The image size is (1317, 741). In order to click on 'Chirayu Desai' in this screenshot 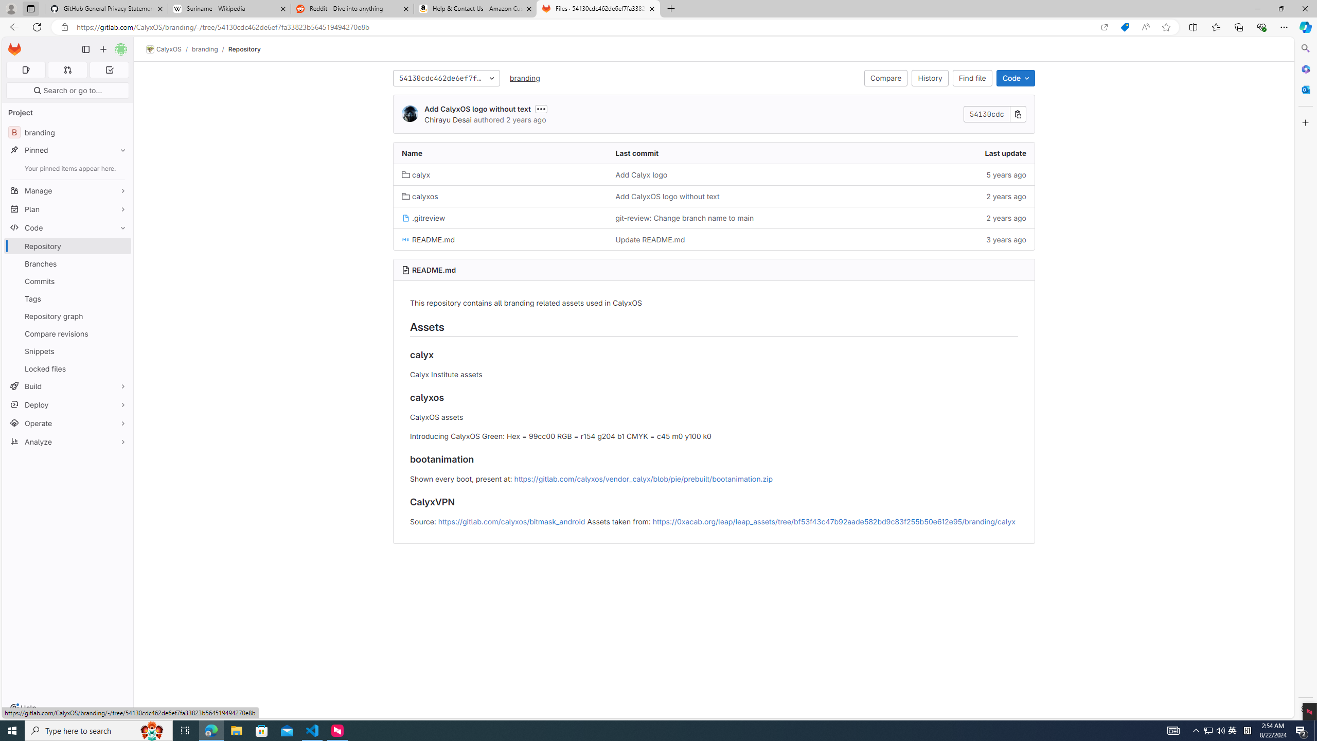, I will do `click(447, 119)`.